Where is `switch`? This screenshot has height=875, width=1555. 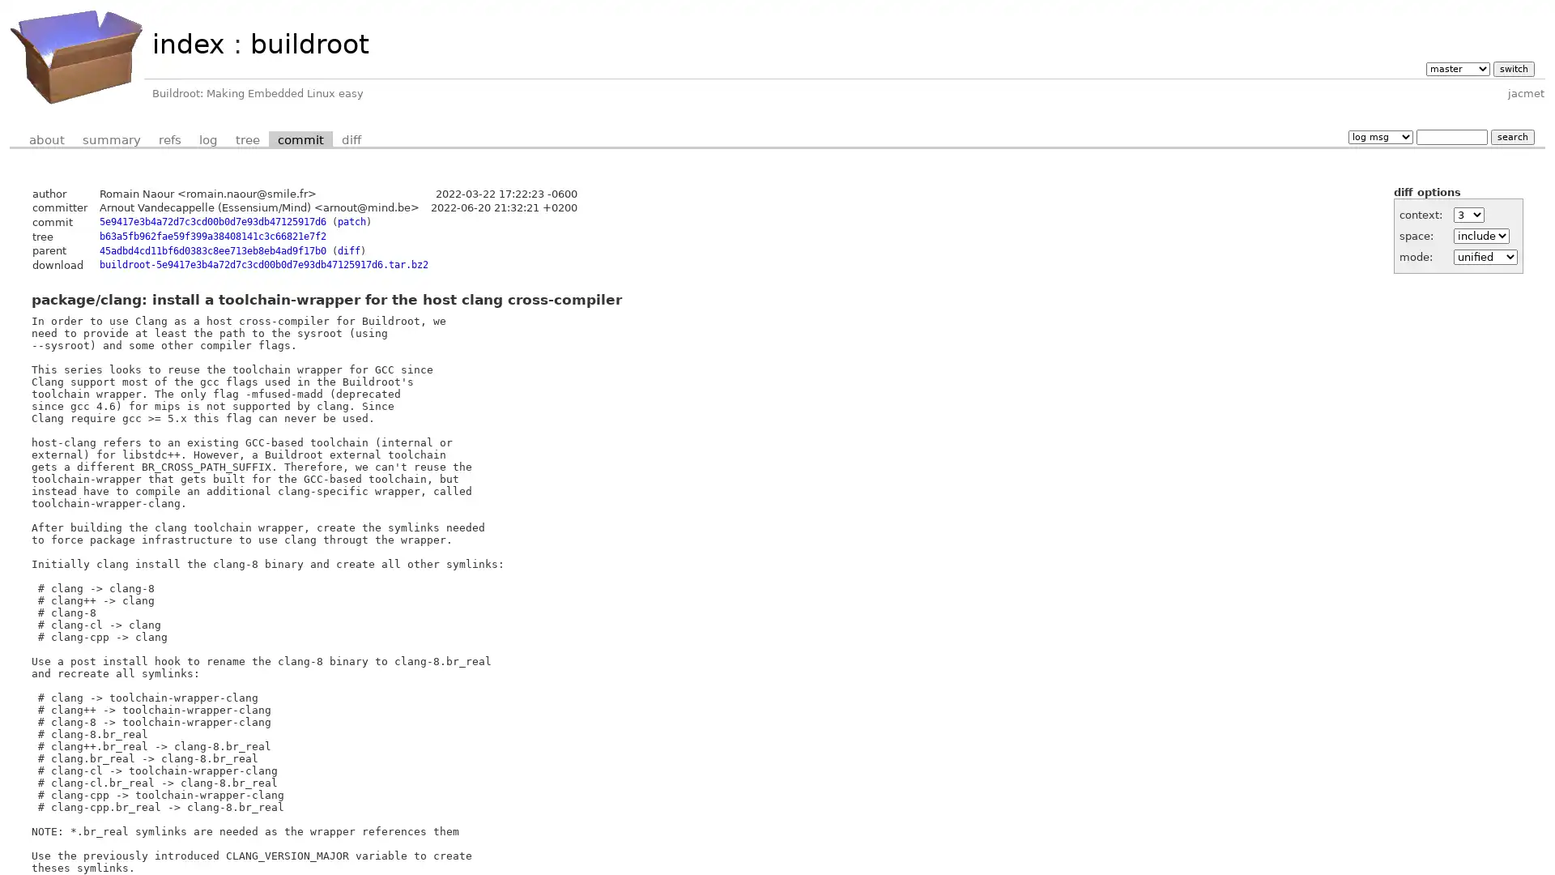
switch is located at coordinates (1512, 67).